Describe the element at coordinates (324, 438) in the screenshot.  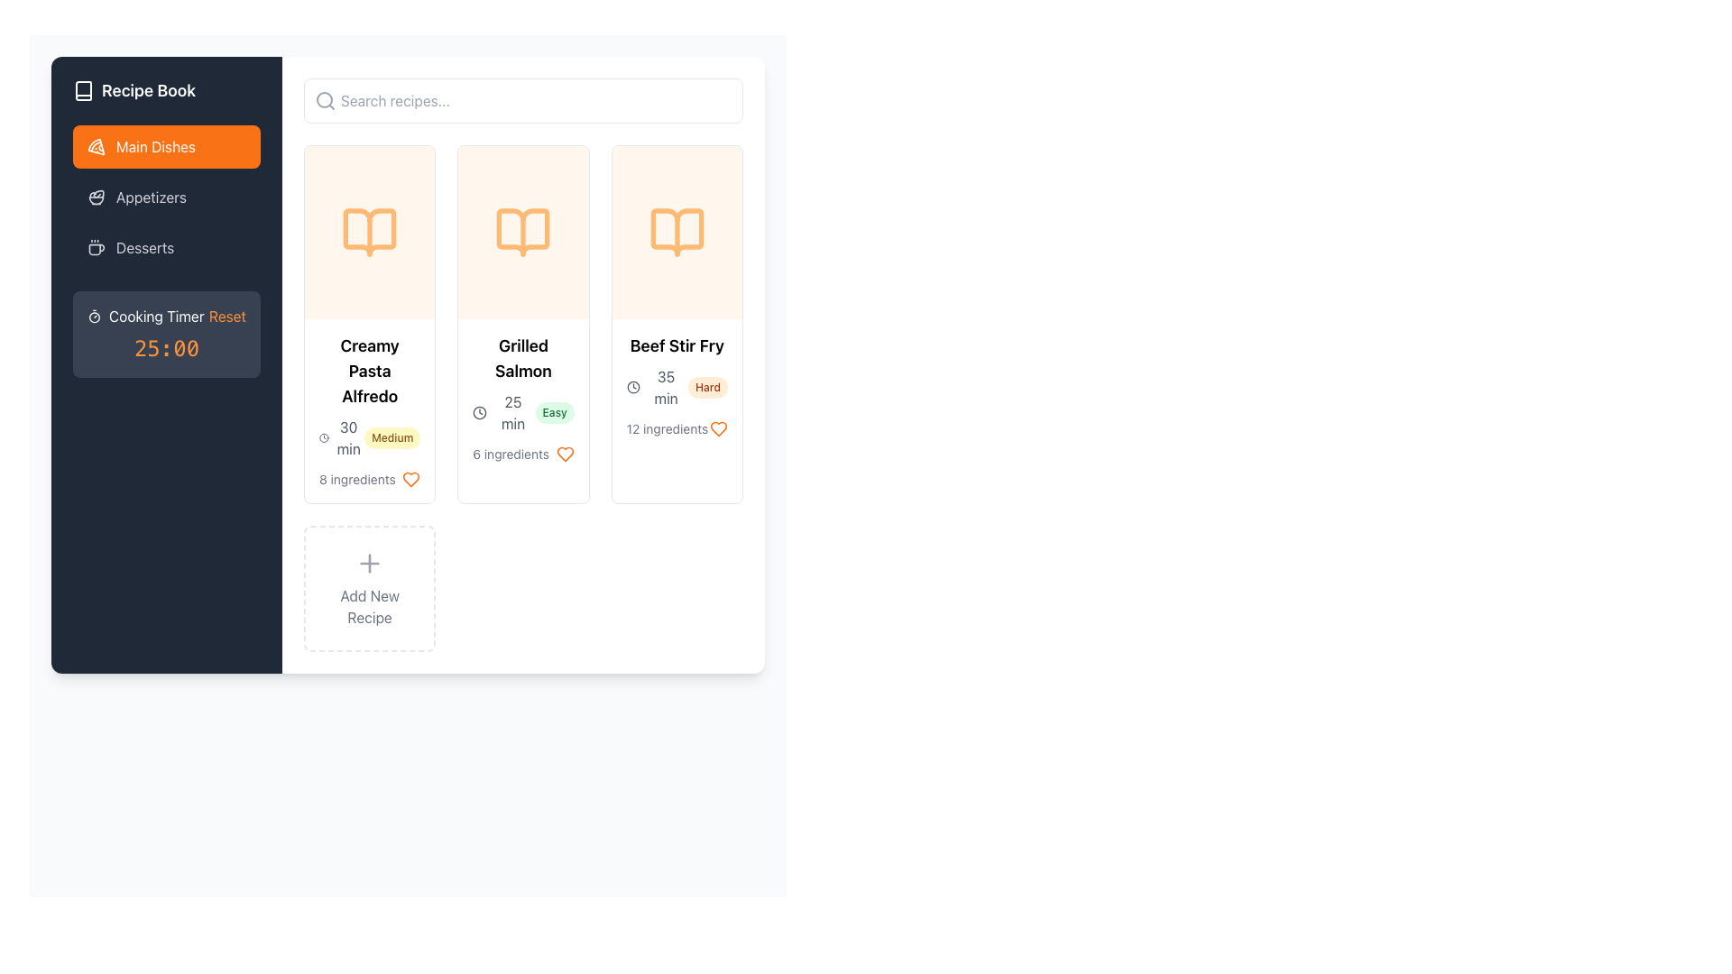
I see `the design and purpose of the outer circular boundary of the clock icon, which represents time or duration within the UI` at that location.